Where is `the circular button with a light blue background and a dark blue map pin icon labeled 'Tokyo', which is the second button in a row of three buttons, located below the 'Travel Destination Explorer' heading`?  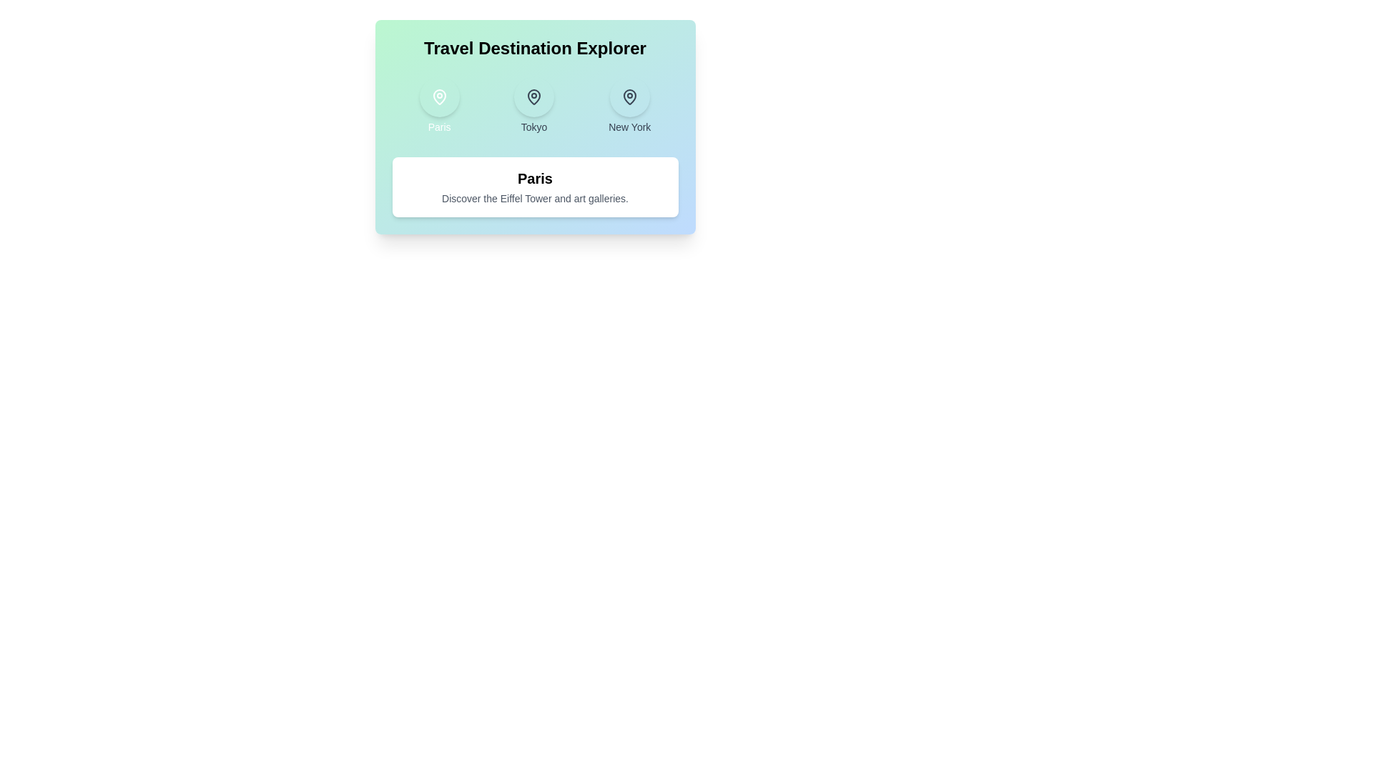 the circular button with a light blue background and a dark blue map pin icon labeled 'Tokyo', which is the second button in a row of three buttons, located below the 'Travel Destination Explorer' heading is located at coordinates (533, 96).